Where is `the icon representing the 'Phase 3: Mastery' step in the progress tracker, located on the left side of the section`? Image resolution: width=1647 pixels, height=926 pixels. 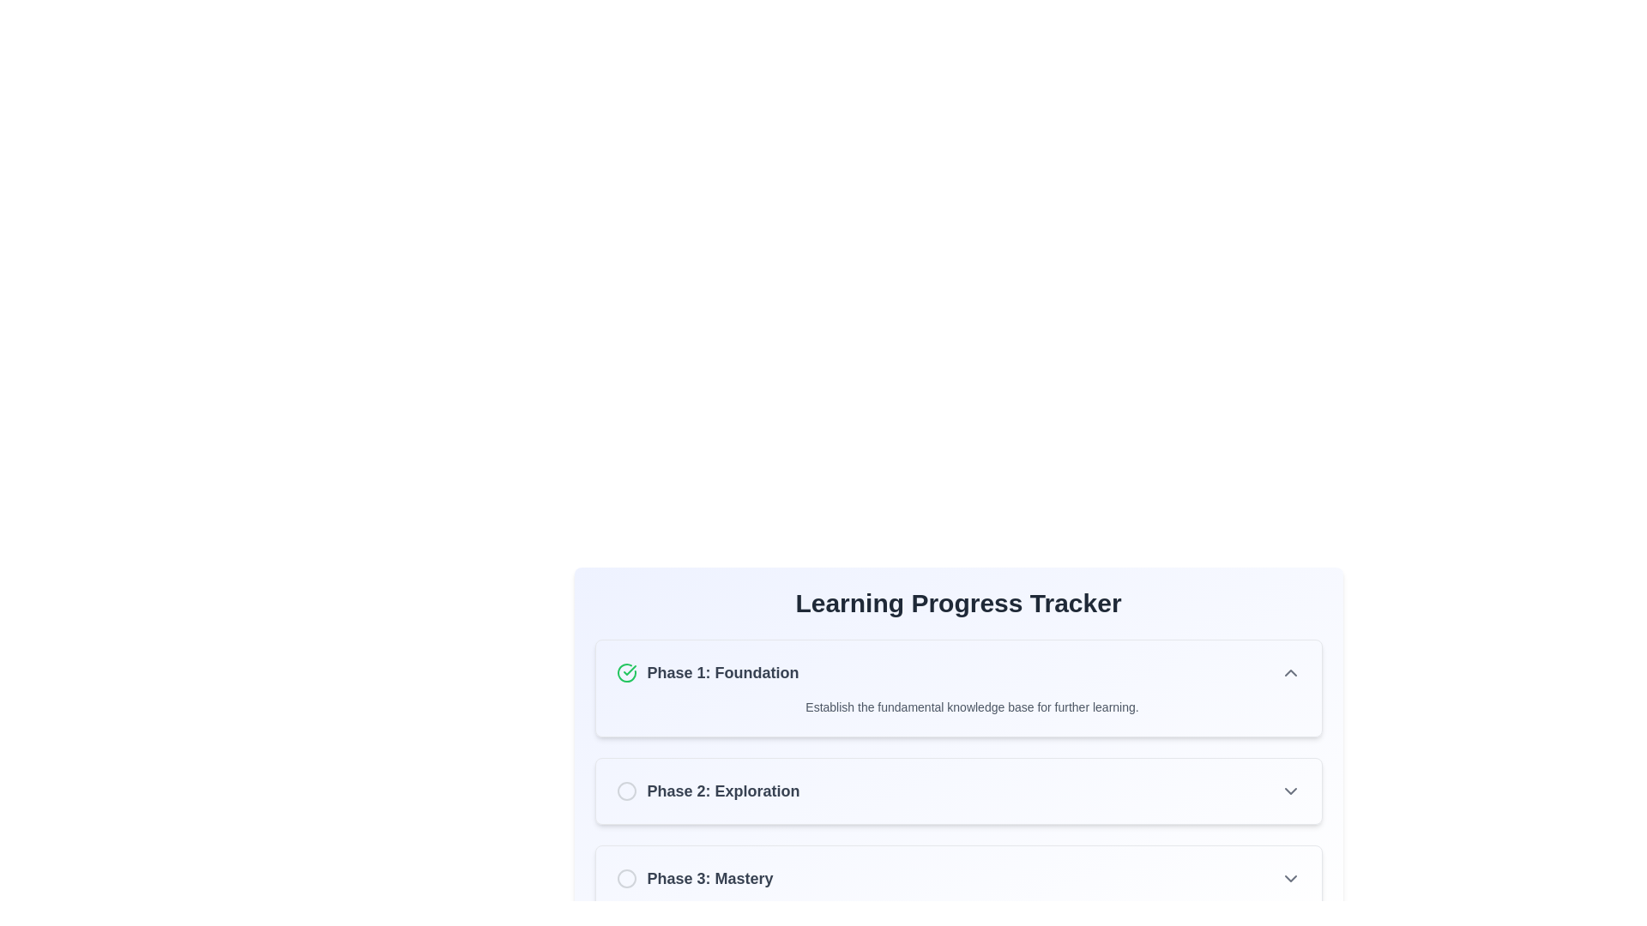 the icon representing the 'Phase 3: Mastery' step in the progress tracker, located on the left side of the section is located at coordinates (625, 879).